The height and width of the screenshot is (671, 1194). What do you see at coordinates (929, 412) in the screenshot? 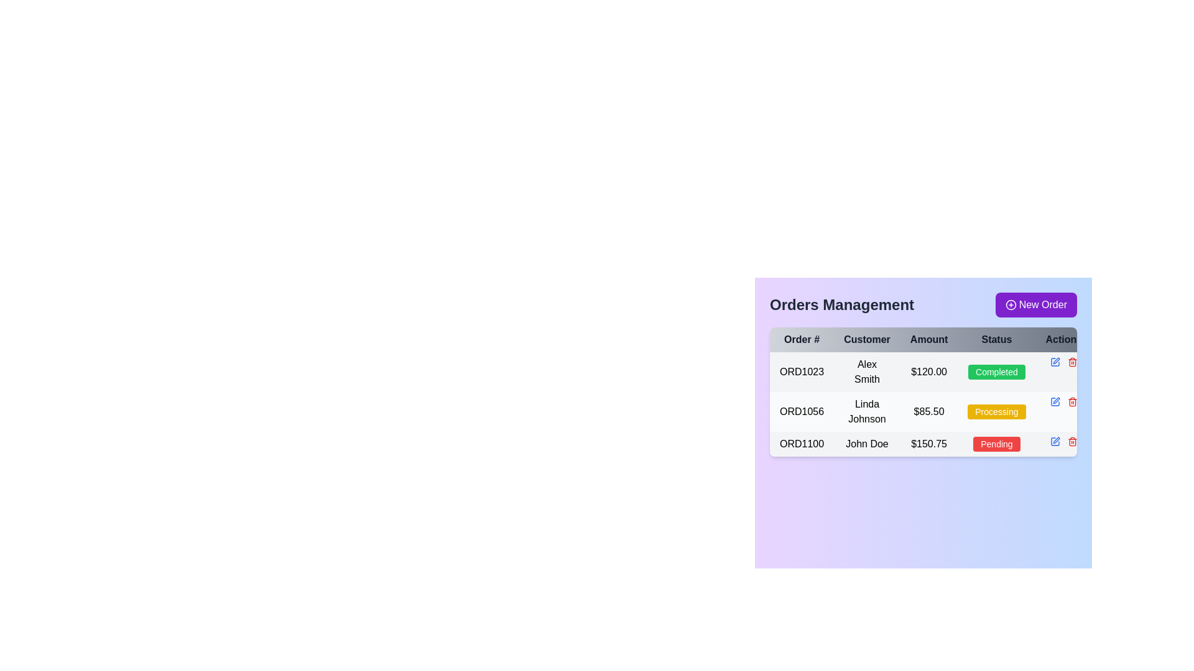
I see `the static text element displaying the amount '$85.50' in the 'Amount' column of the 'Orders Management' table for order 'ORD1056' made by 'Linda Johnson'` at bounding box center [929, 412].